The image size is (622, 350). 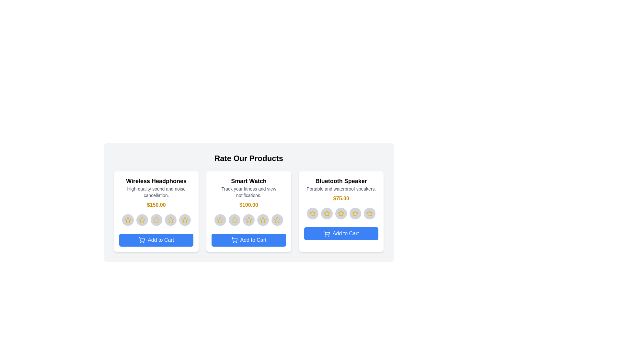 What do you see at coordinates (277, 219) in the screenshot?
I see `the star corresponding to 5 for the product 'Smart Watch'` at bounding box center [277, 219].